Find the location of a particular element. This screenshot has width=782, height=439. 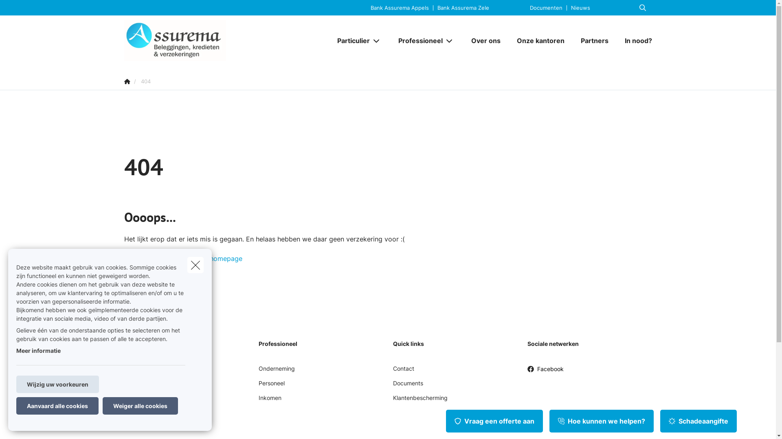

'Aanvaard alle cookies' is located at coordinates (57, 406).